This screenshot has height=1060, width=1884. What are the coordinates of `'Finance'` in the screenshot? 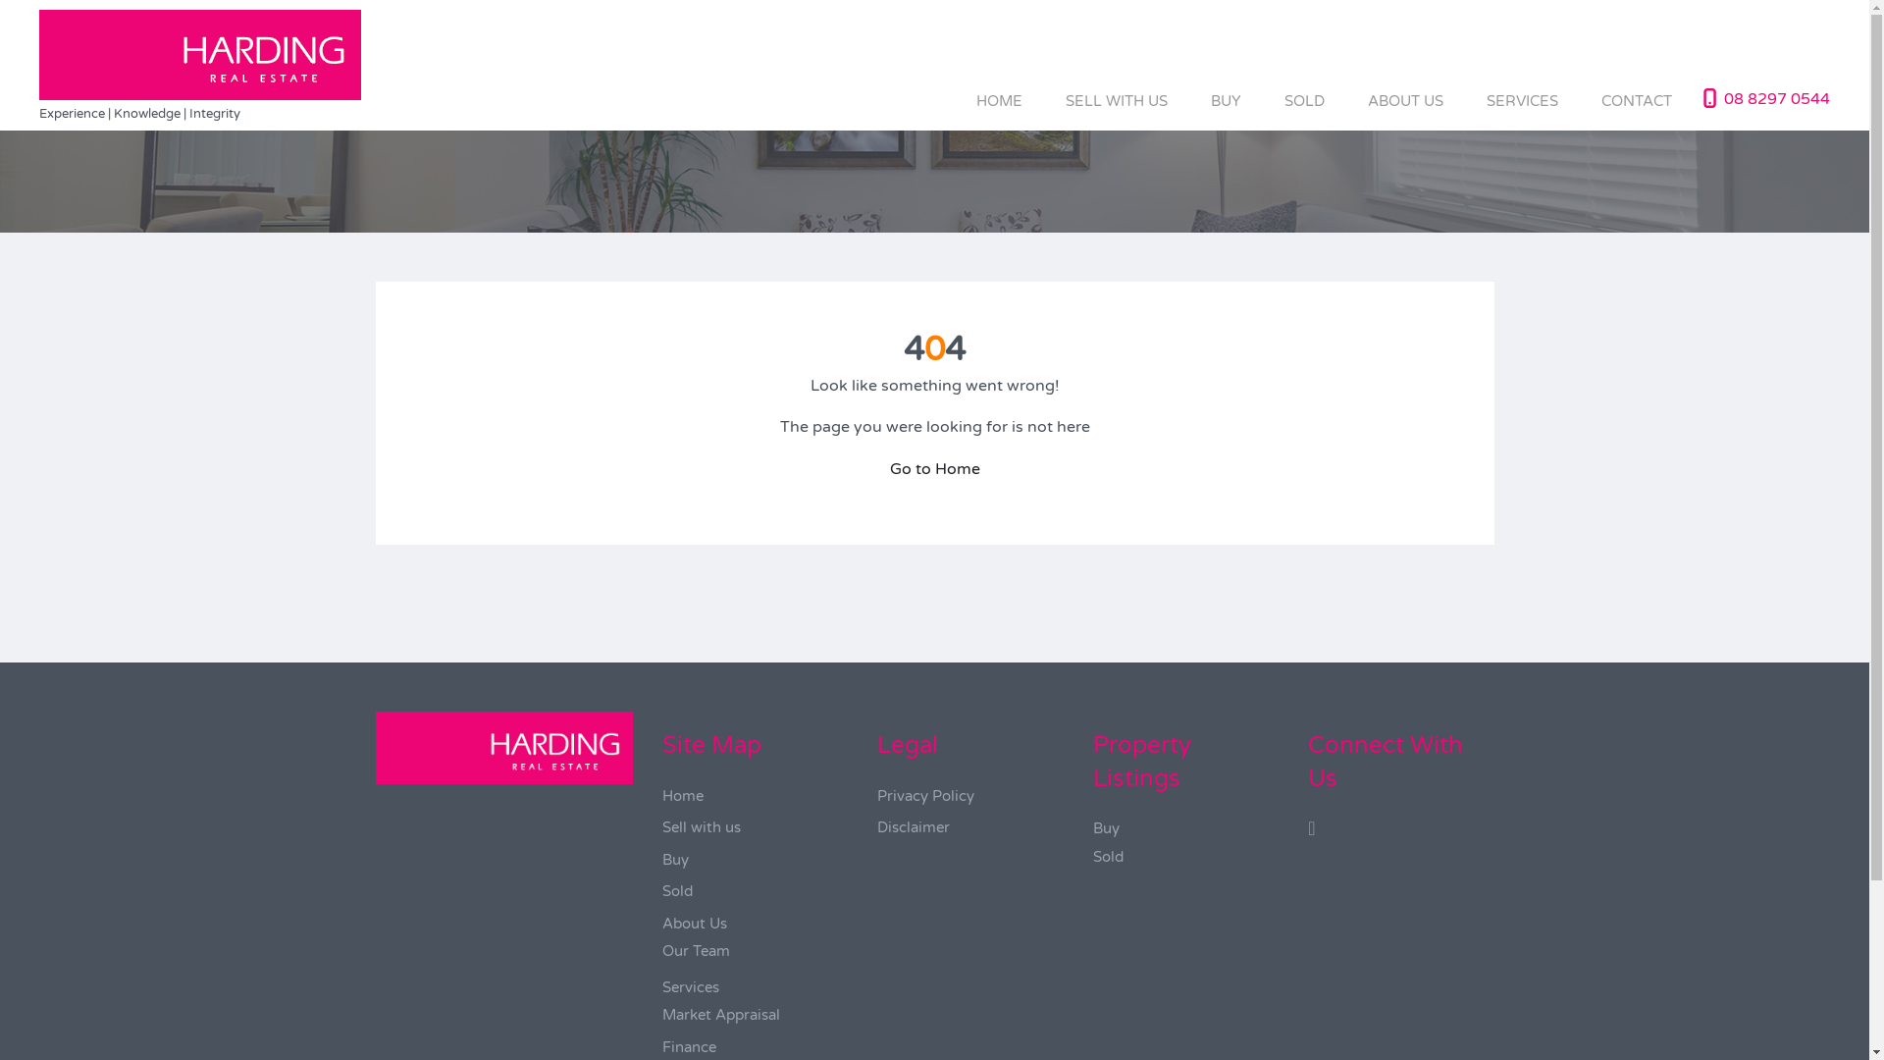 It's located at (689, 1046).